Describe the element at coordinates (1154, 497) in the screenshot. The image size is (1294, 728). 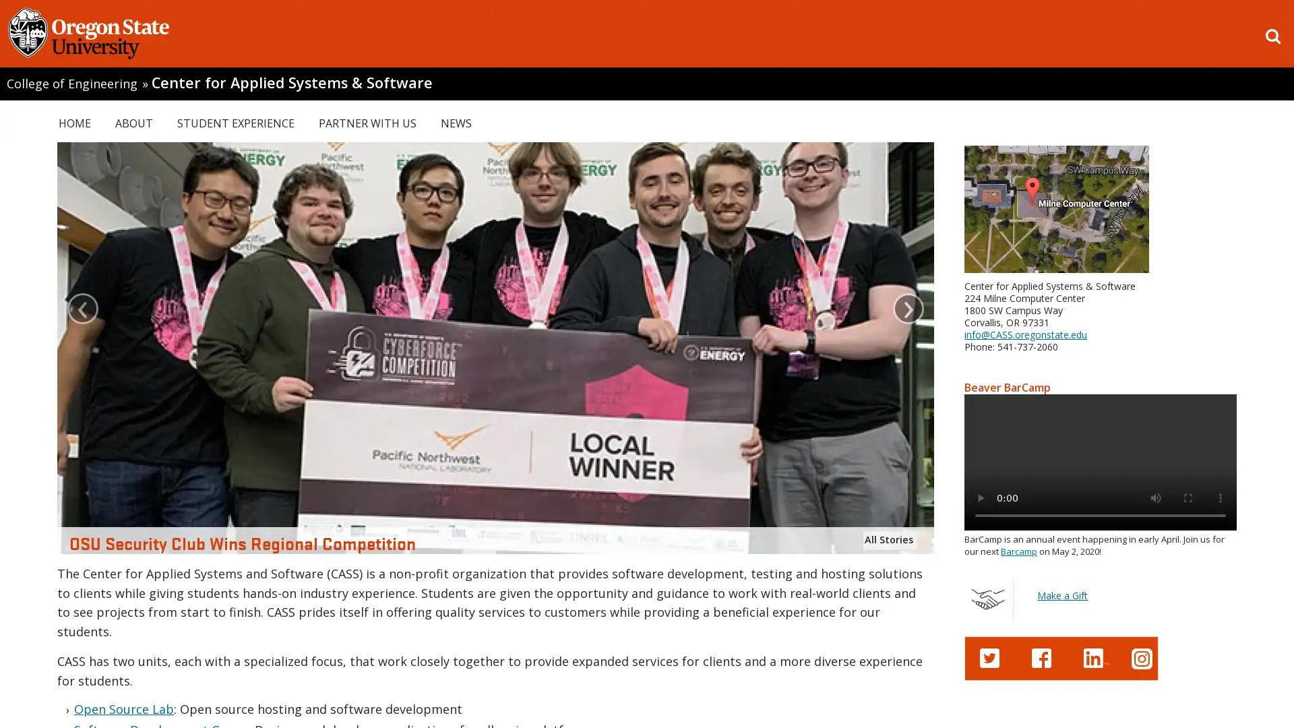
I see `mute` at that location.